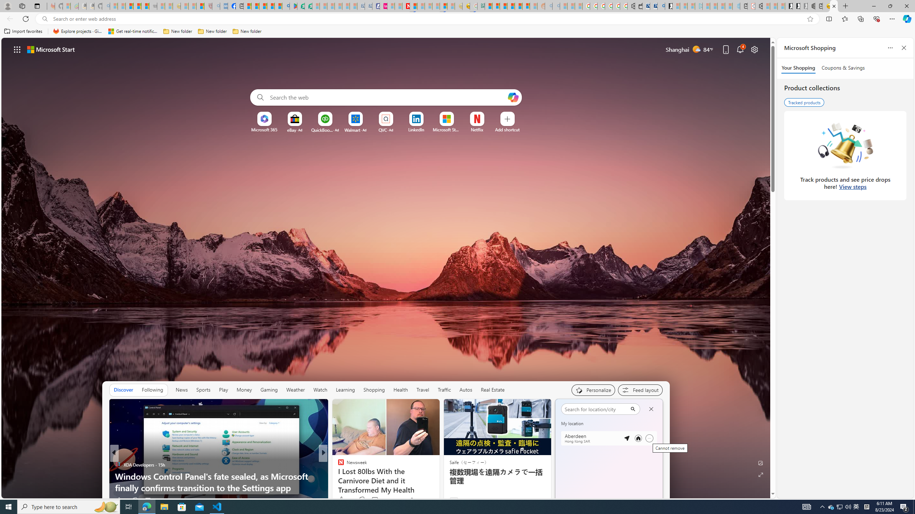 The width and height of the screenshot is (915, 514). I want to click on 'INSIDER', so click(338, 465).